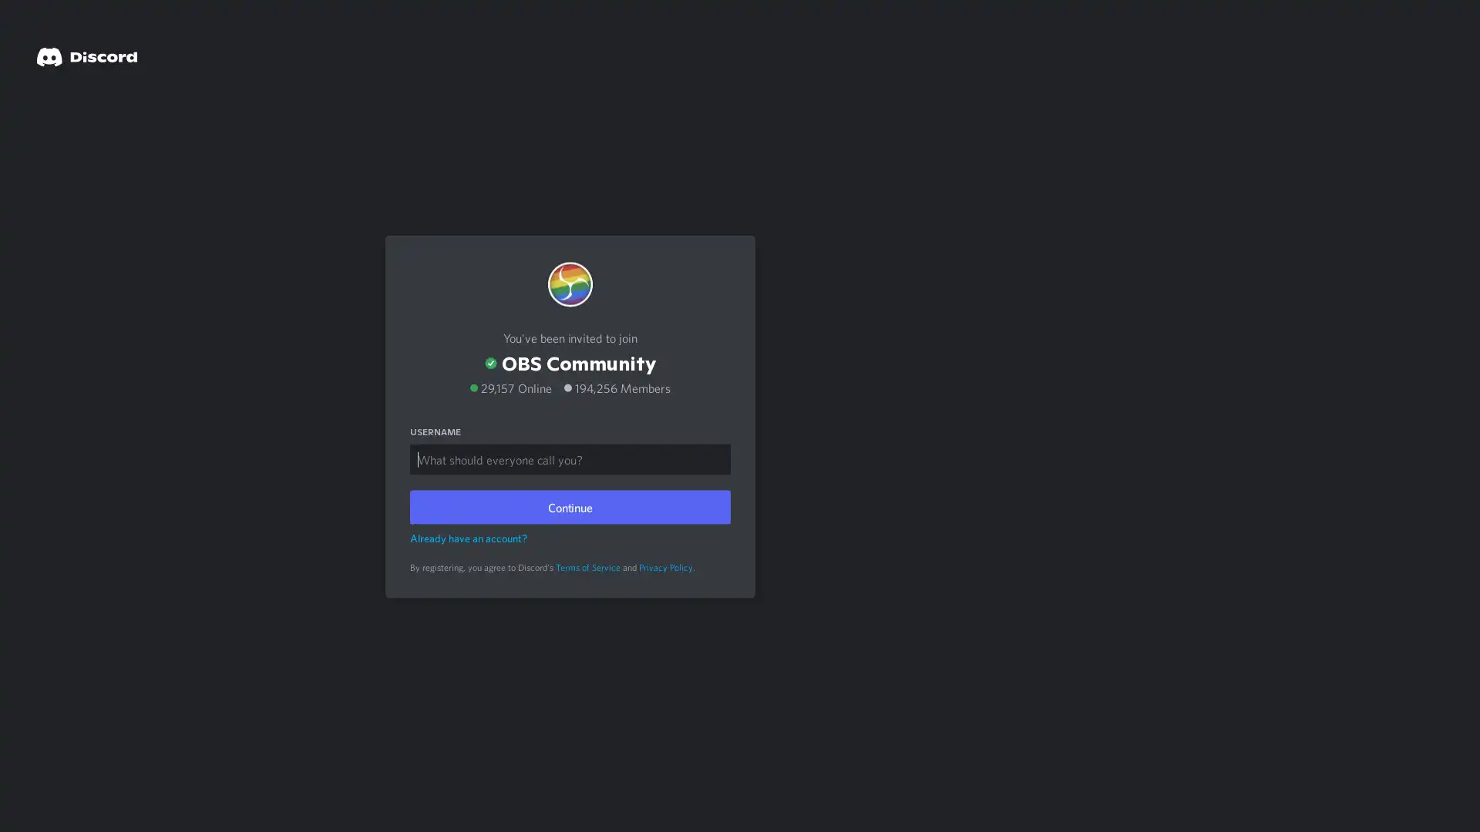 The width and height of the screenshot is (1480, 832). Describe the element at coordinates (569, 505) in the screenshot. I see `Continue` at that location.